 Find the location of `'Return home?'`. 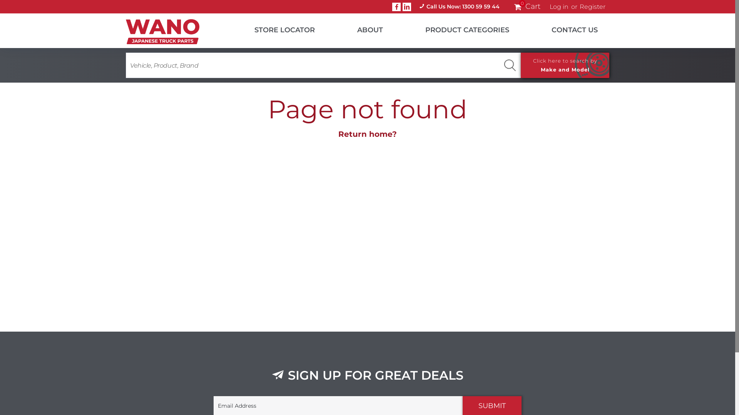

'Return home?' is located at coordinates (338, 133).